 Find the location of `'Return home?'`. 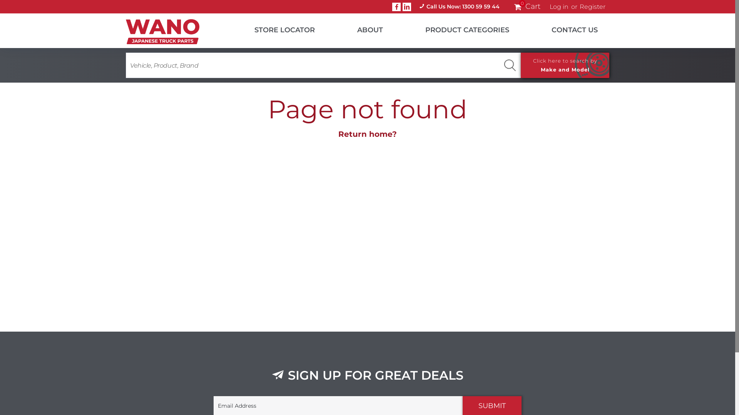

'Return home?' is located at coordinates (338, 133).